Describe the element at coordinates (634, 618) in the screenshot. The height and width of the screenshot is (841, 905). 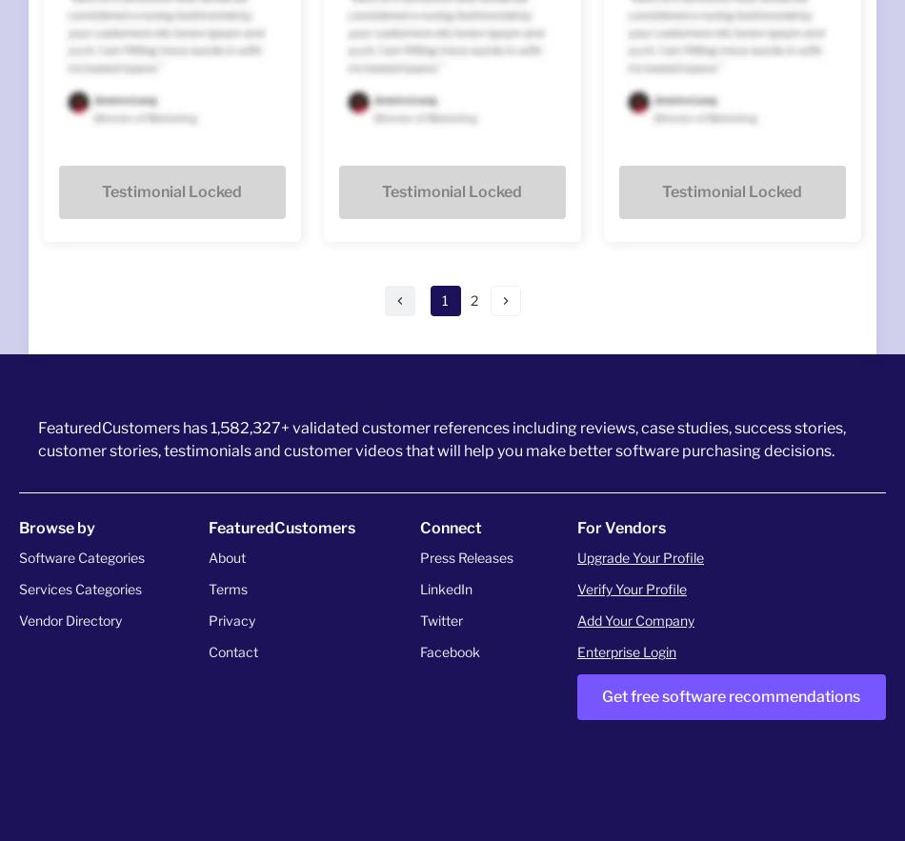
I see `'Add Your Company'` at that location.